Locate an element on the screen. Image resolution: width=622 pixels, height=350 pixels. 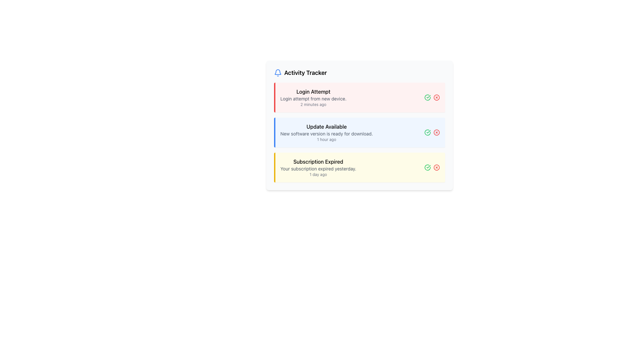
the text element that reads 'Your subscription expired yesterday.' located in the lower part of the modal under the 'Subscription Expired' section, indicating a secondary informational priority is located at coordinates (318, 168).